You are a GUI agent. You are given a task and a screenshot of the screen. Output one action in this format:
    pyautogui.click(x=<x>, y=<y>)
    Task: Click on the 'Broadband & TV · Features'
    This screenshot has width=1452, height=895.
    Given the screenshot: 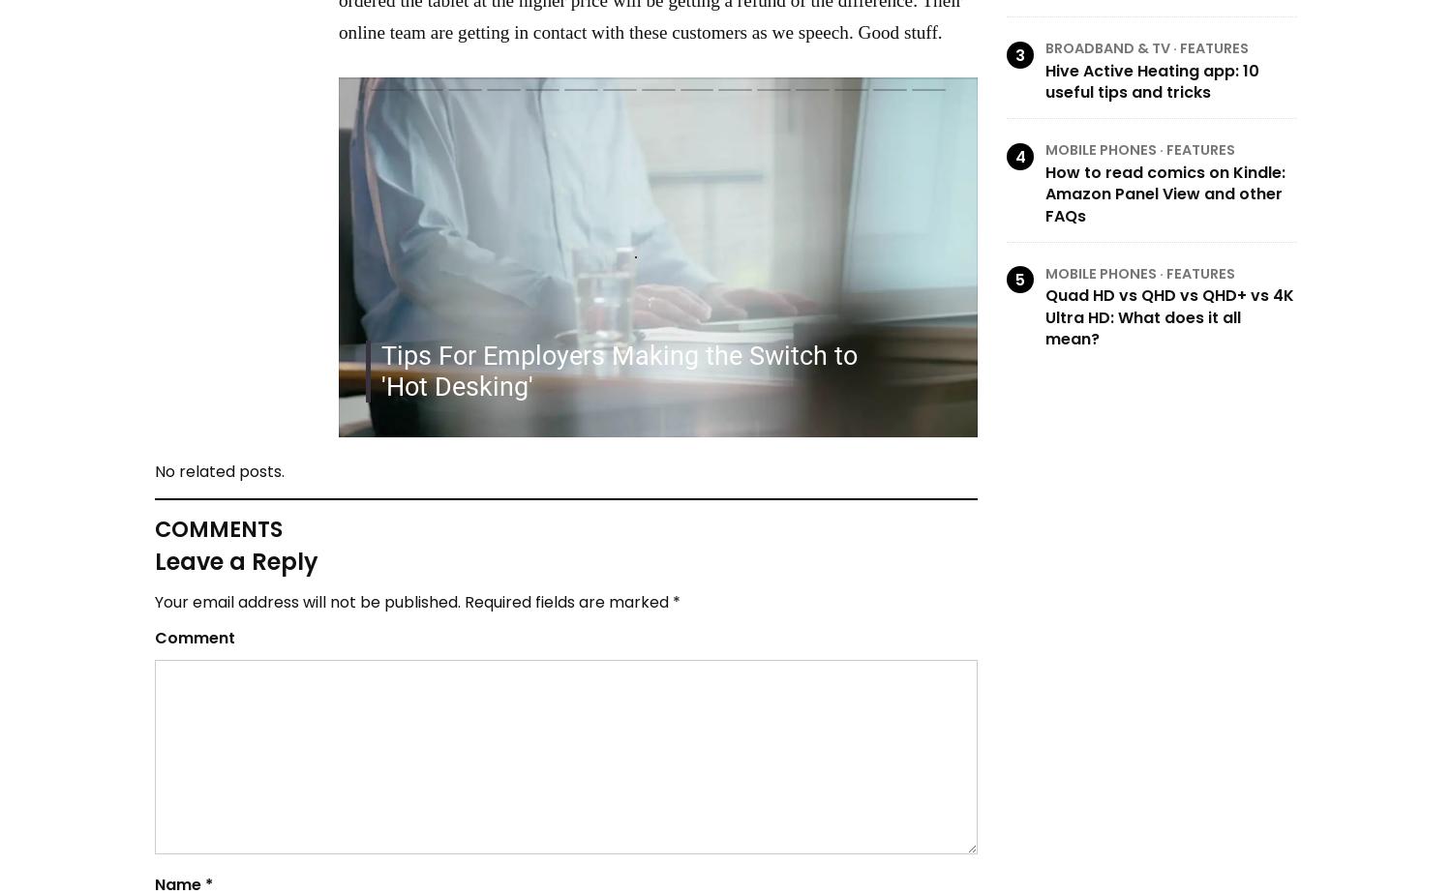 What is the action you would take?
    pyautogui.click(x=1147, y=47)
    